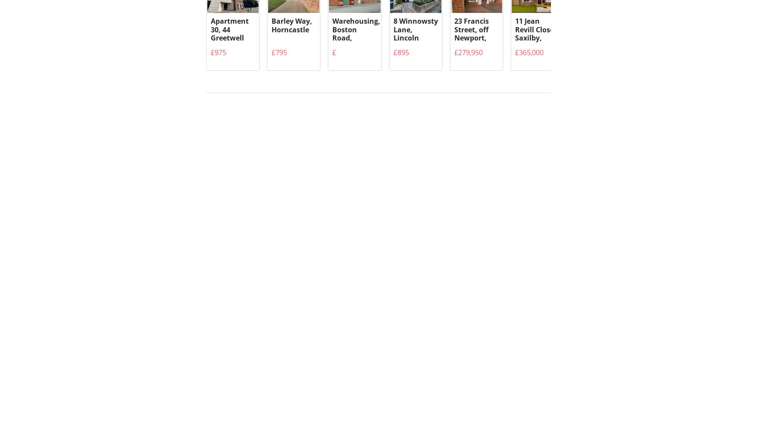 This screenshot has height=426, width=763. What do you see at coordinates (278, 57) in the screenshot?
I see `'£795'` at bounding box center [278, 57].